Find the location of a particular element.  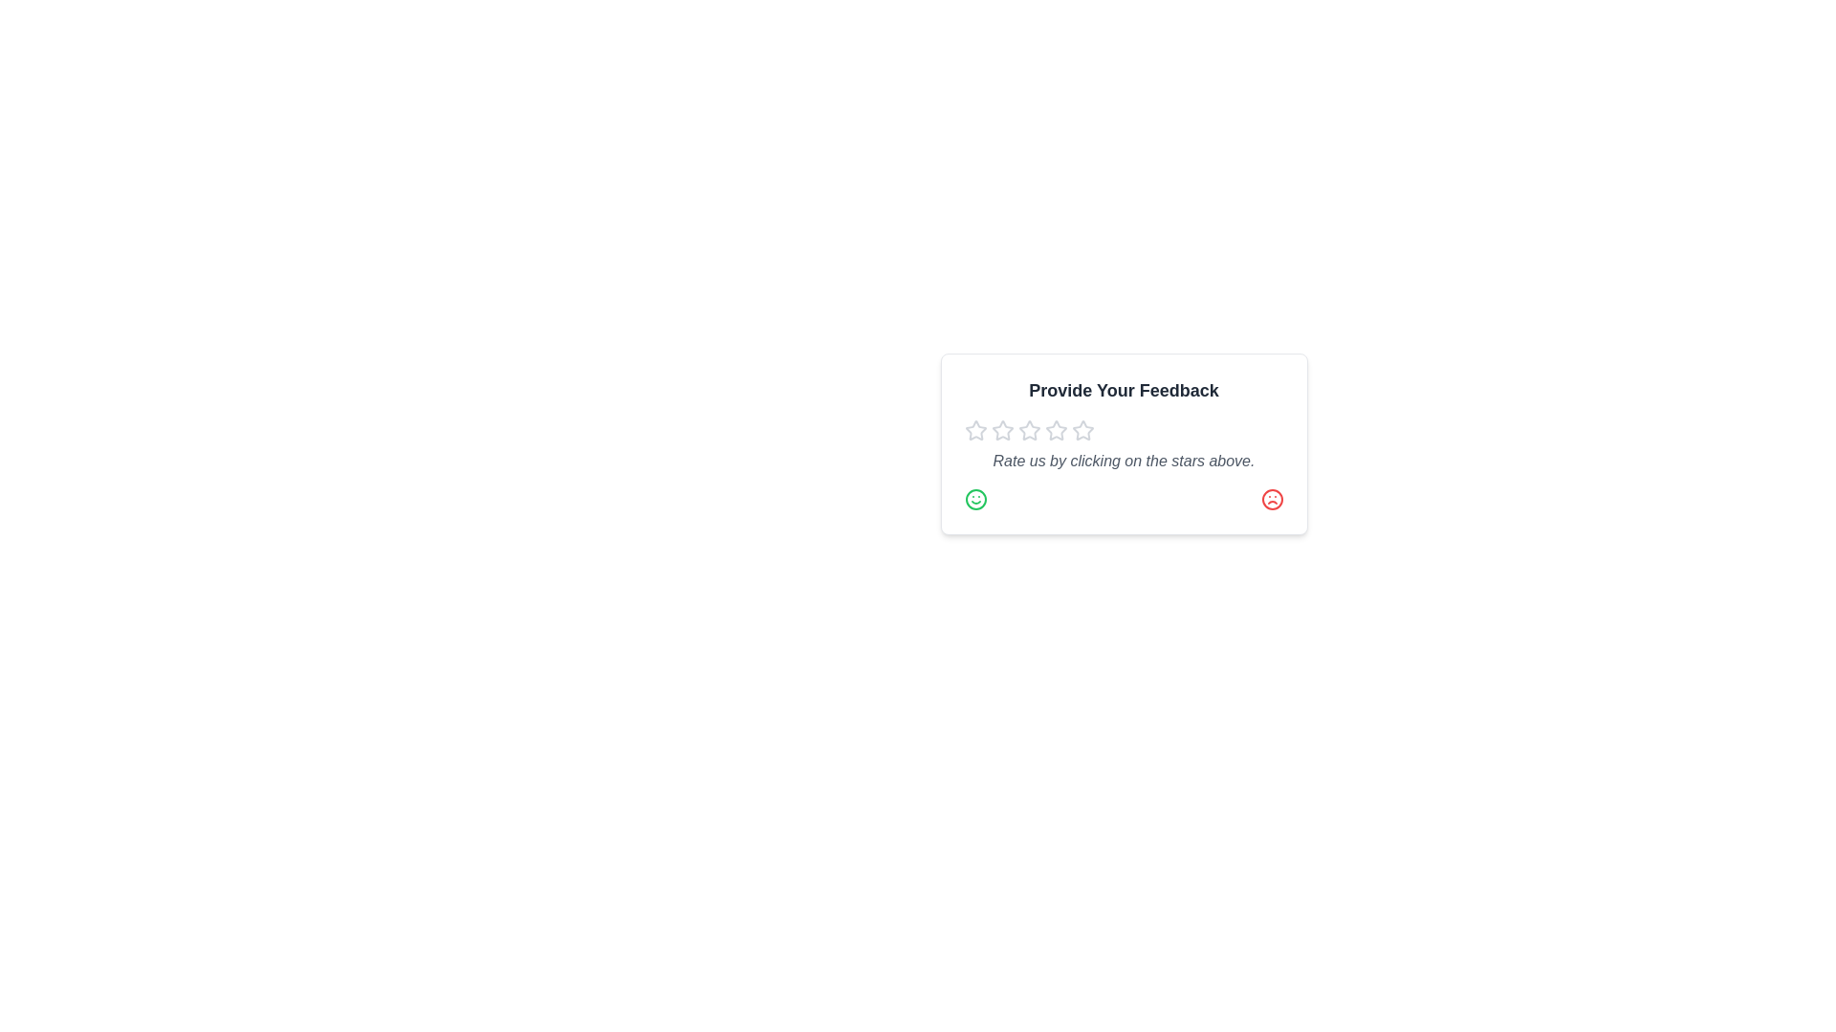

the fourth star in the feedback rating section is located at coordinates (1055, 431).